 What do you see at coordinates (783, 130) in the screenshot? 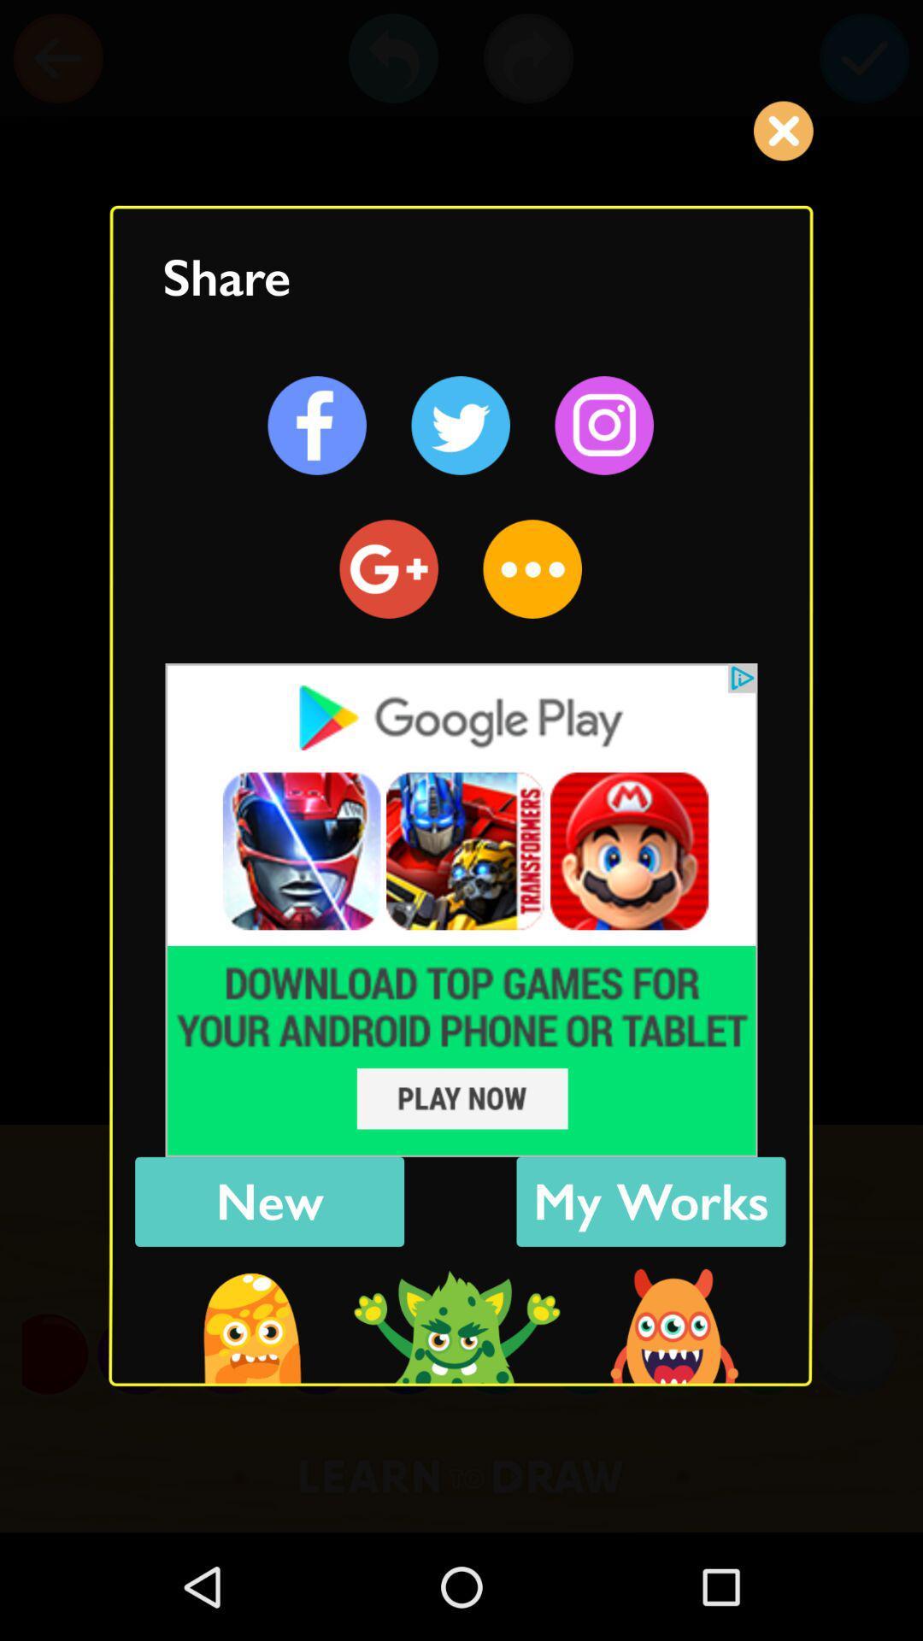
I see `the close icon` at bounding box center [783, 130].